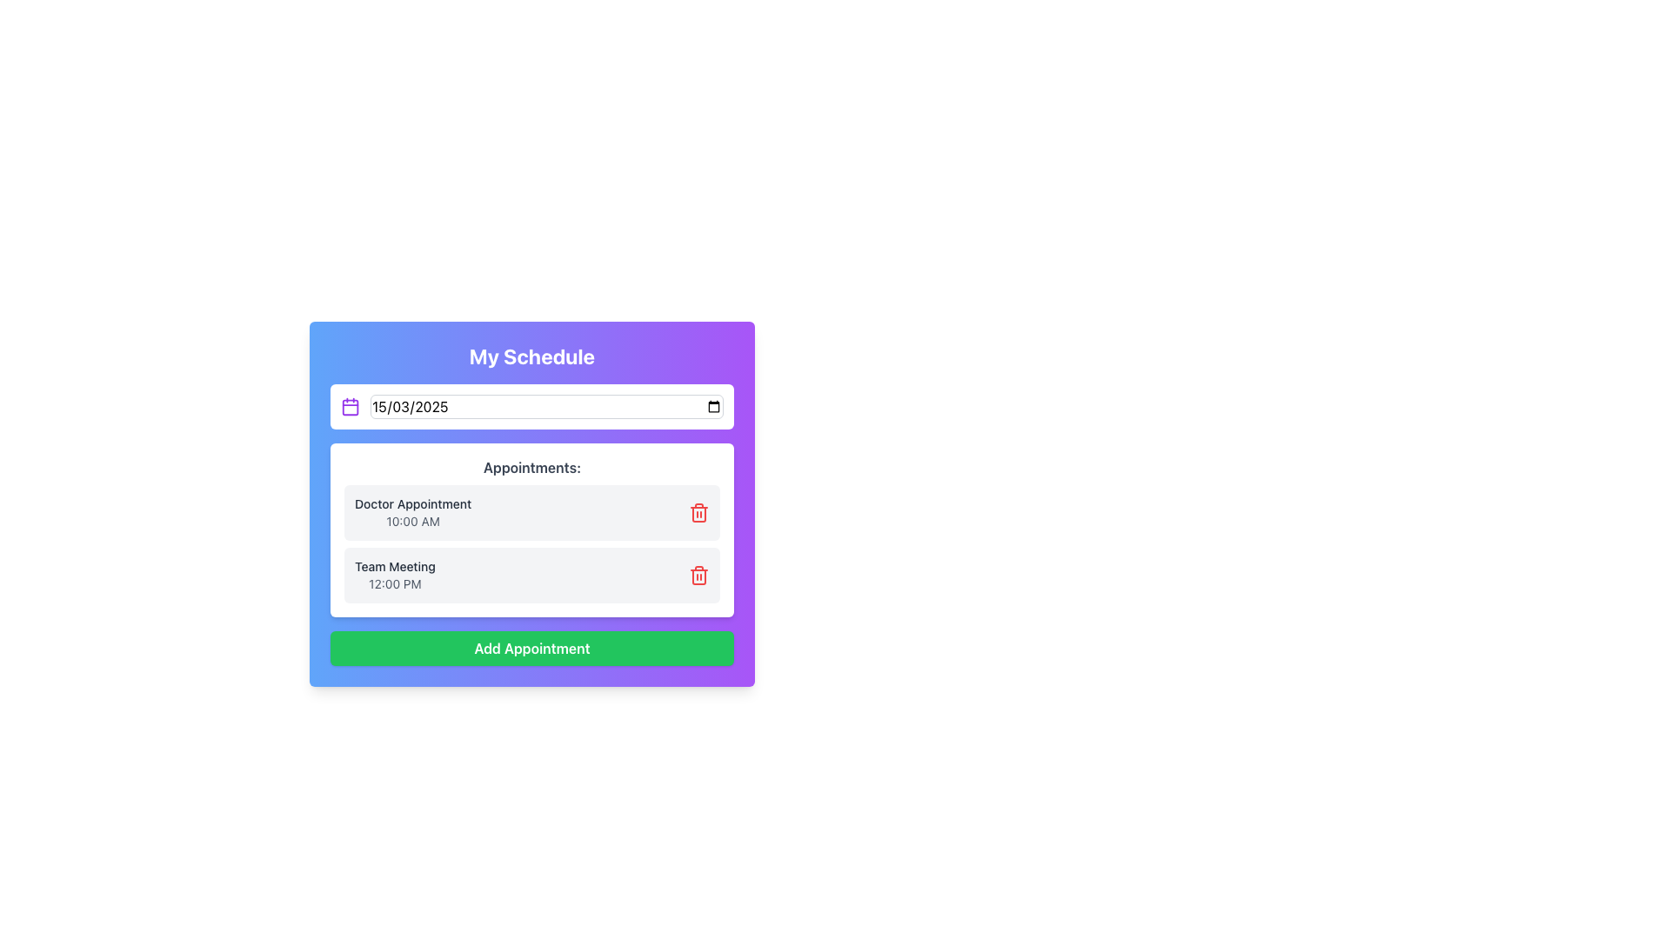  What do you see at coordinates (531, 406) in the screenshot?
I see `a date using the calendar dropdown from the Date Input Field located in the 'My Schedule' card section, just below the title` at bounding box center [531, 406].